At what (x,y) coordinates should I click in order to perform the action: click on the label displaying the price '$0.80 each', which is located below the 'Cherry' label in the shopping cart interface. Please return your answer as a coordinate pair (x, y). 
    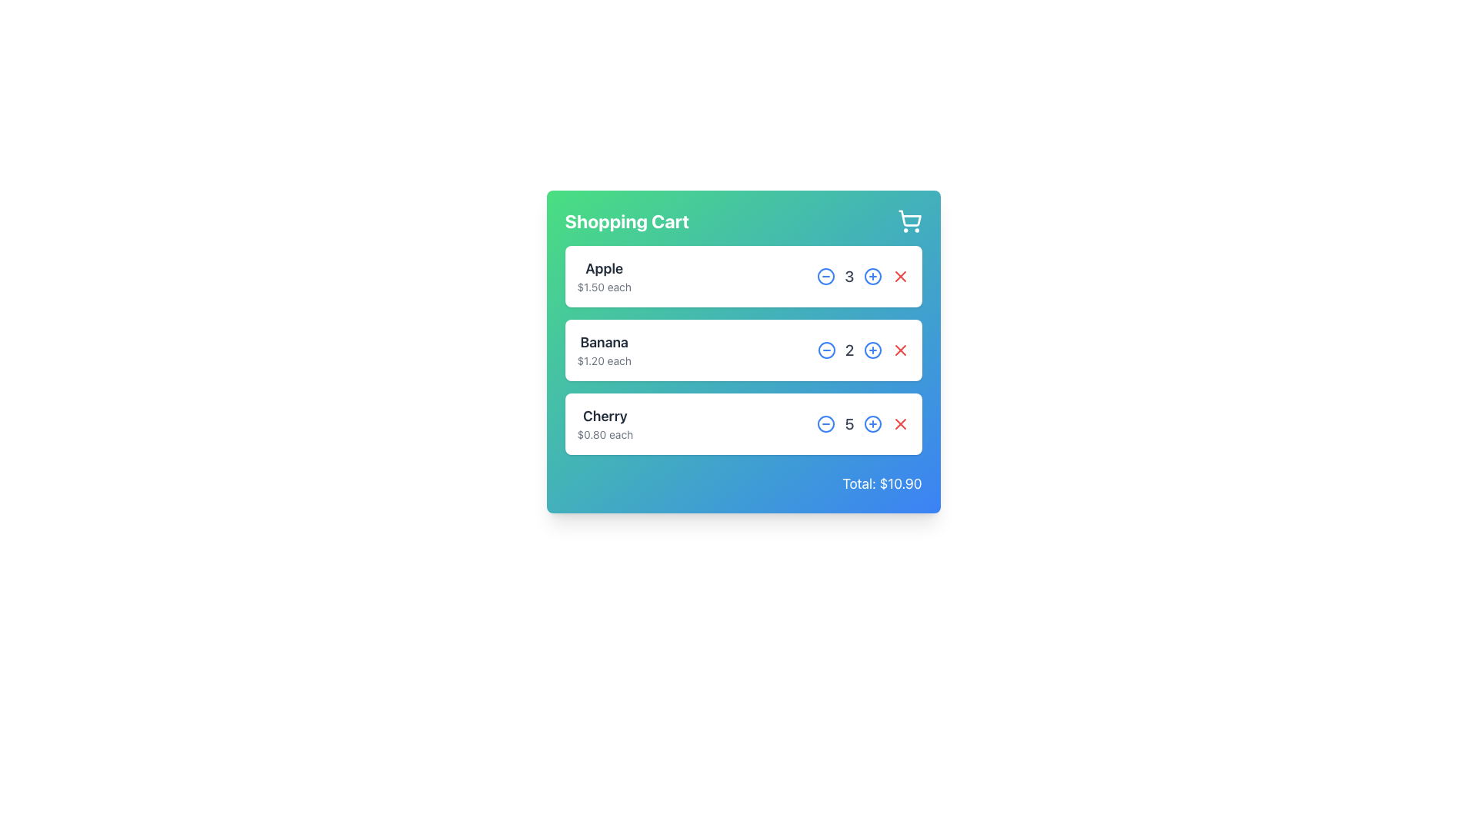
    Looking at the image, I should click on (604, 435).